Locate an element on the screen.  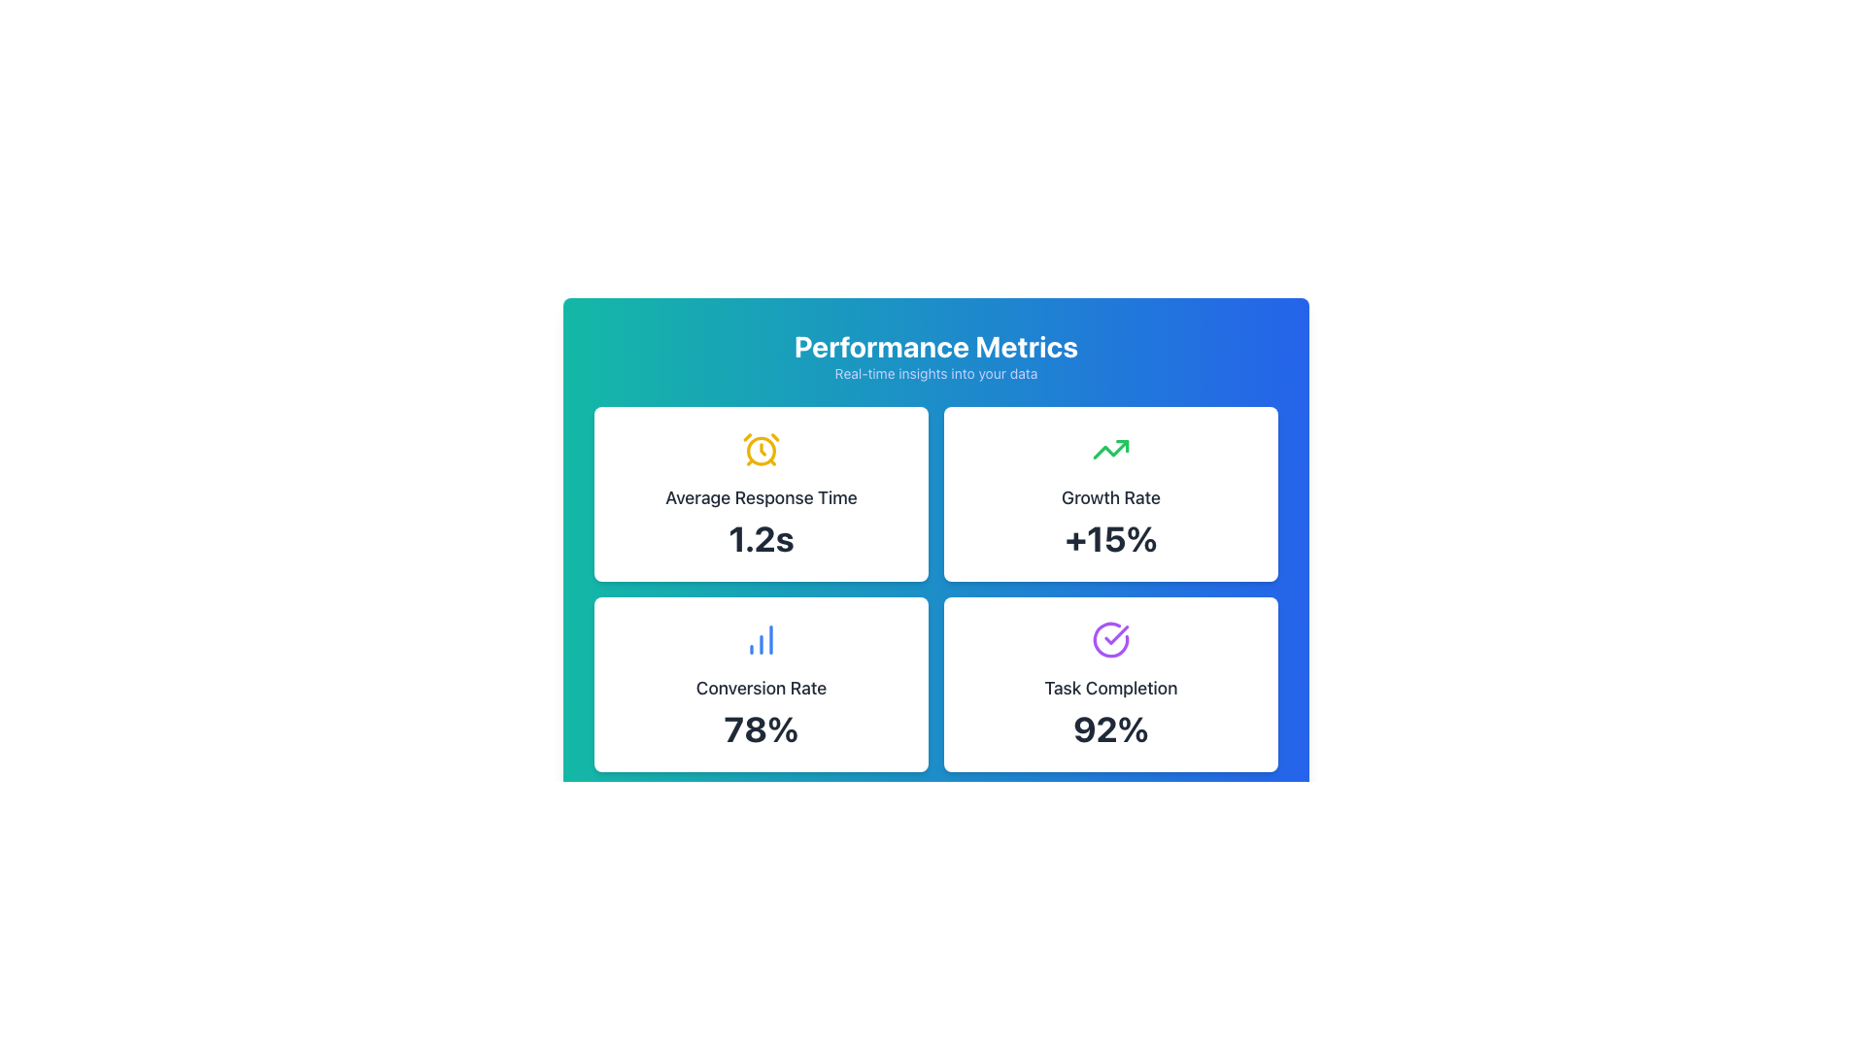
the smaller light indigo text displayed beneath the 'Performance Metrics' title is located at coordinates (936, 374).